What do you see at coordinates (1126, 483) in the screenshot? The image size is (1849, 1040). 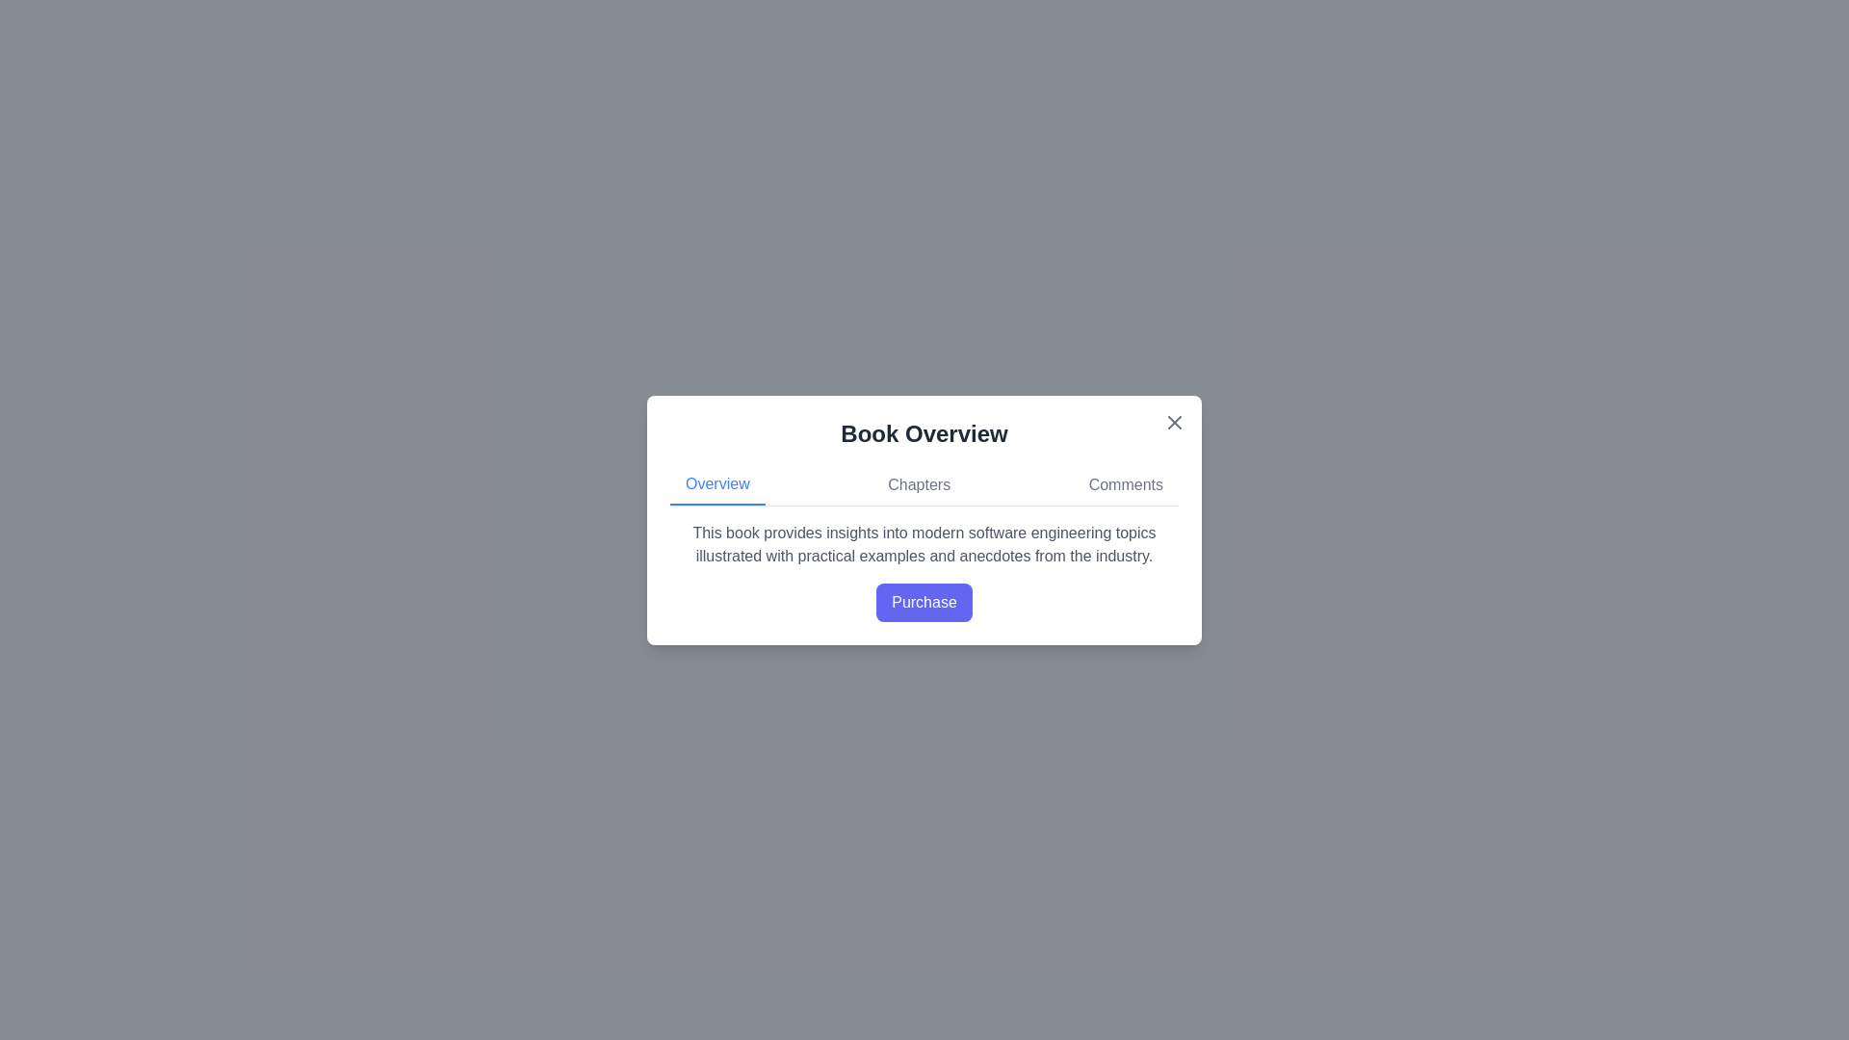 I see `the 'Comments' tab in the horizontal menu` at bounding box center [1126, 483].